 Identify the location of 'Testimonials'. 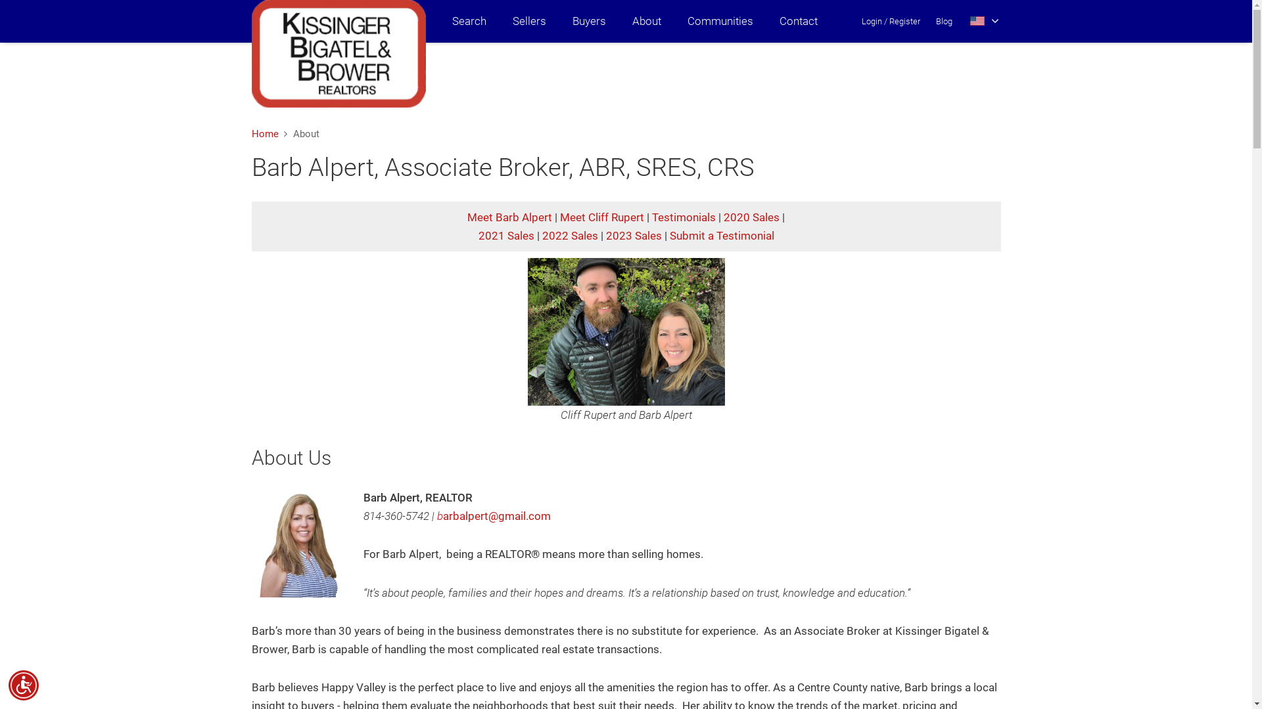
(684, 217).